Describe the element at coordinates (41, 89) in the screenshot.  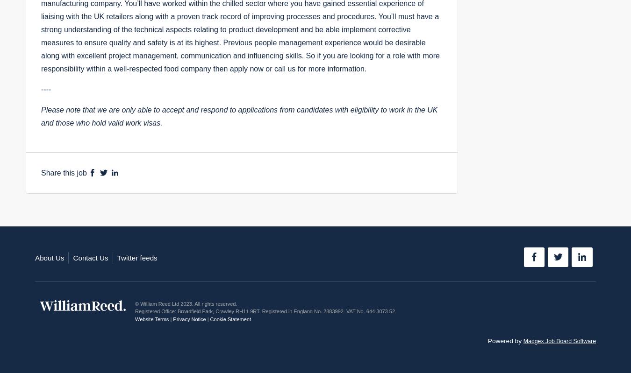
I see `'----'` at that location.